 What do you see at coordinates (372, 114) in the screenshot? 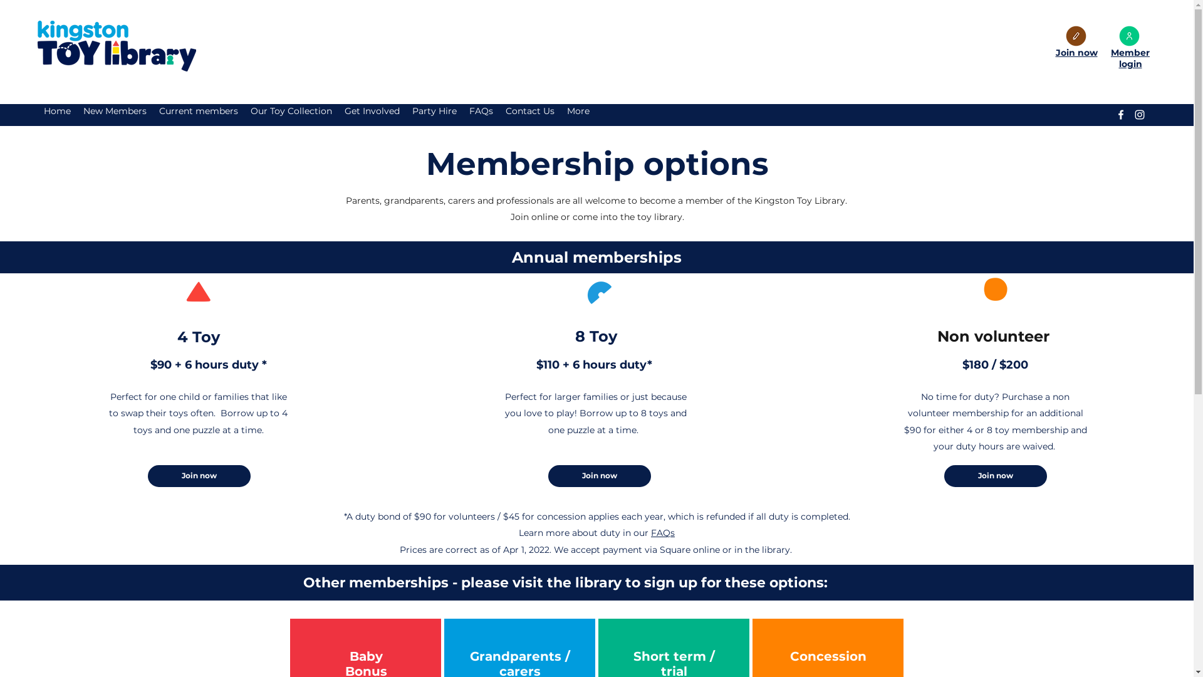
I see `'Get Involved'` at bounding box center [372, 114].